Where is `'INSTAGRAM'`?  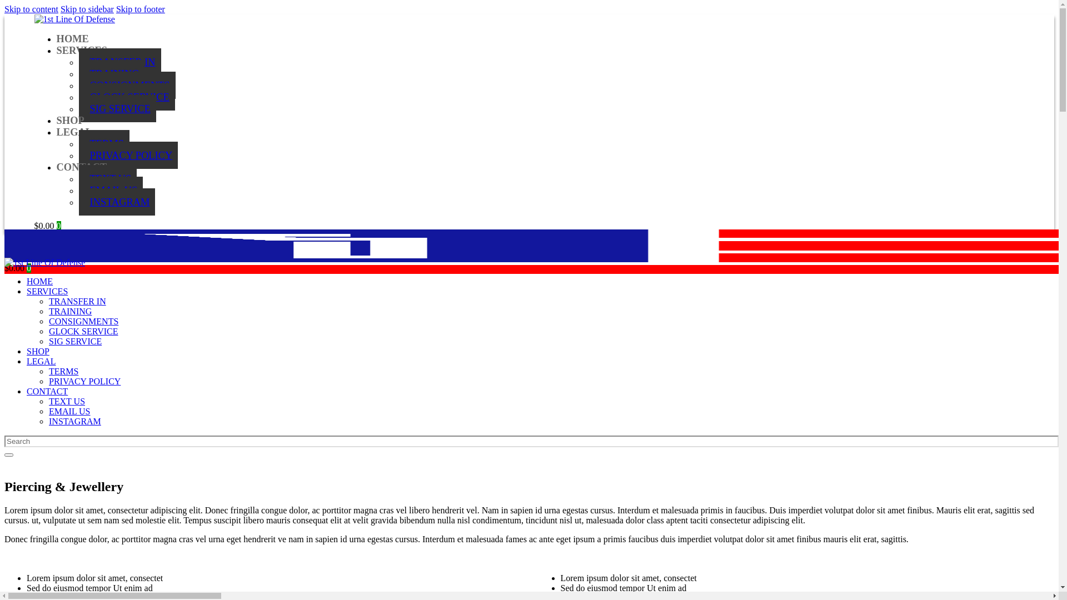
'INSTAGRAM' is located at coordinates (74, 421).